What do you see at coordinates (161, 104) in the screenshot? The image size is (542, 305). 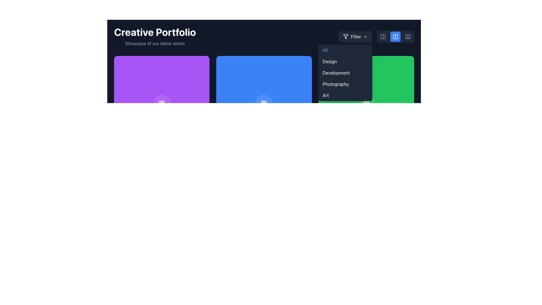 I see `the top-left grid cell of the icon component that symbolizes a grid or matrix layout` at bounding box center [161, 104].